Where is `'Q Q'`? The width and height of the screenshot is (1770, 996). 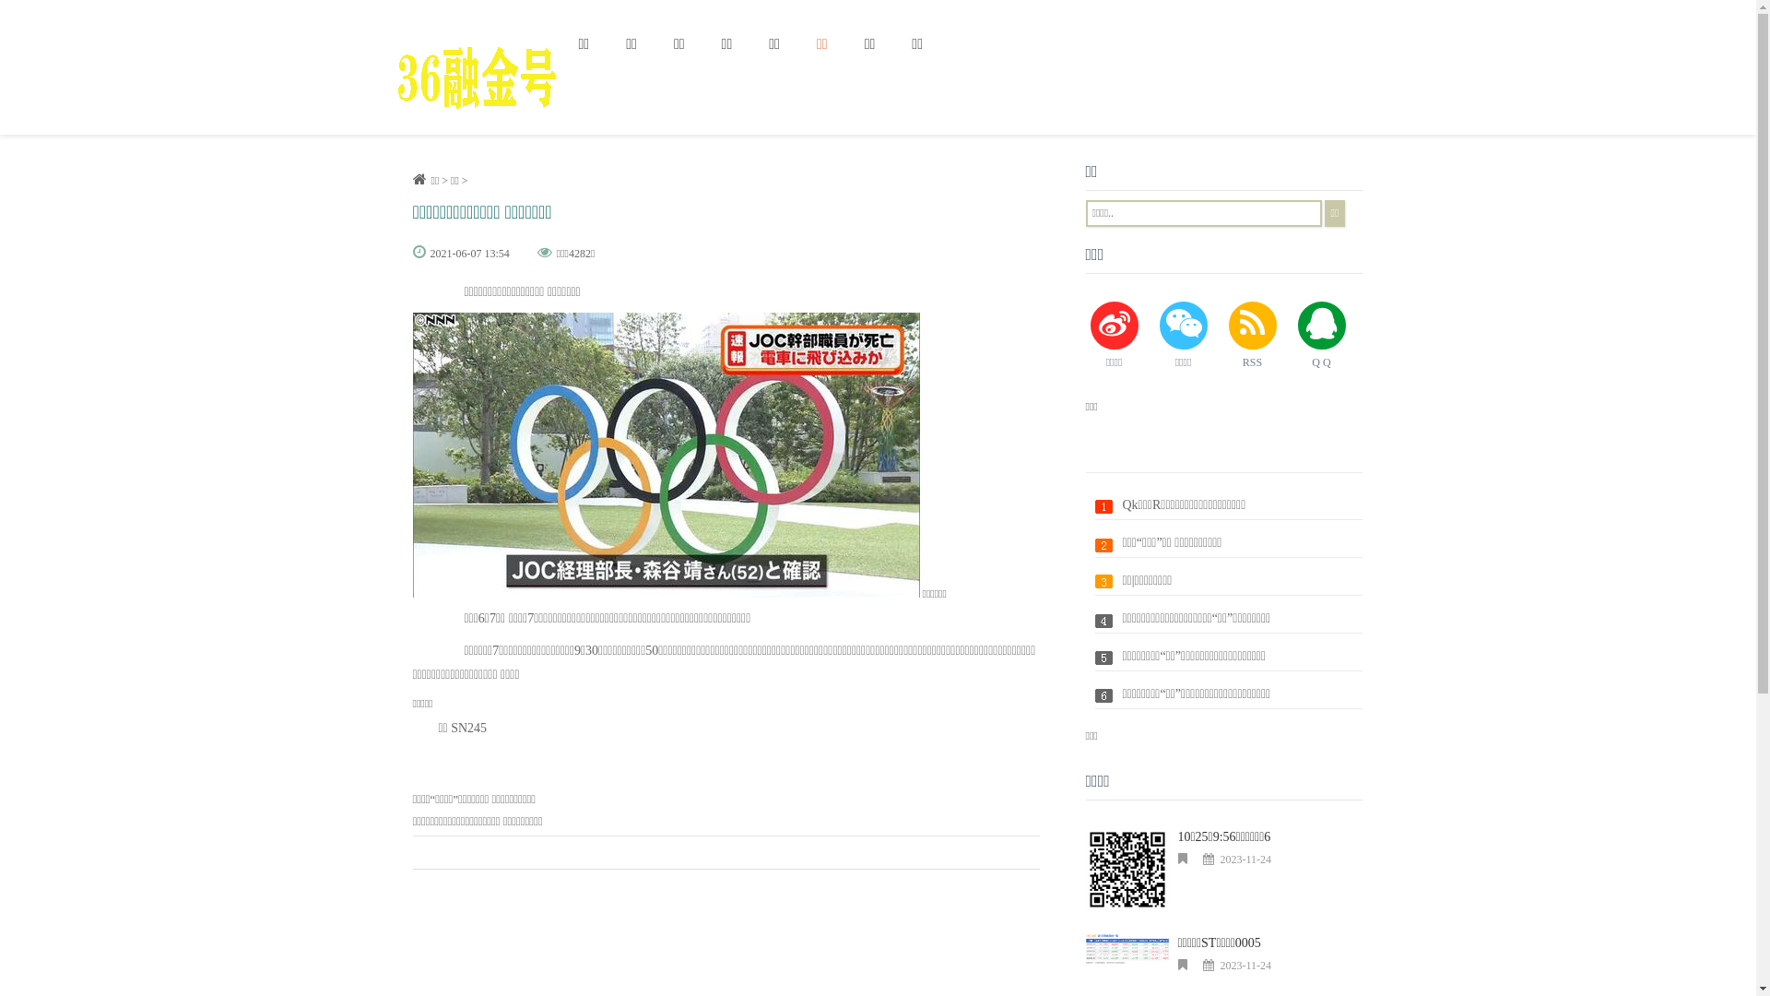
'Q Q' is located at coordinates (1321, 336).